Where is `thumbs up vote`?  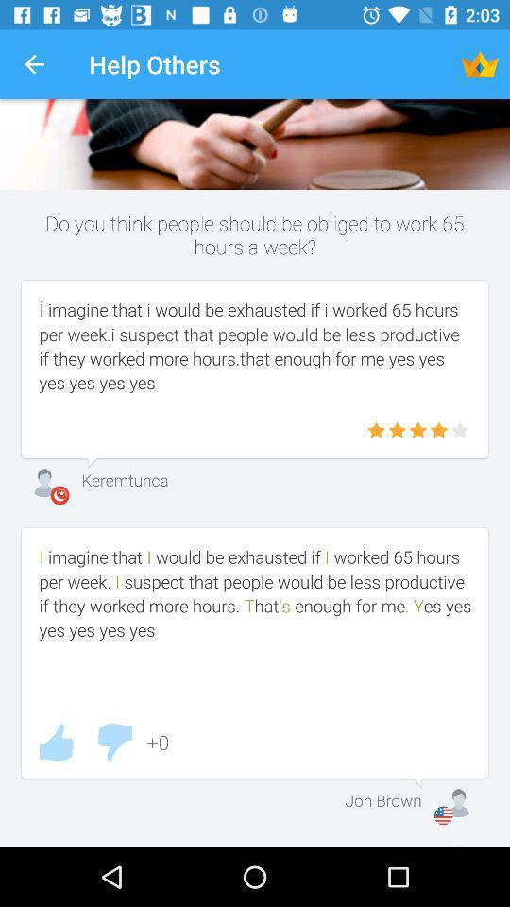 thumbs up vote is located at coordinates (56, 742).